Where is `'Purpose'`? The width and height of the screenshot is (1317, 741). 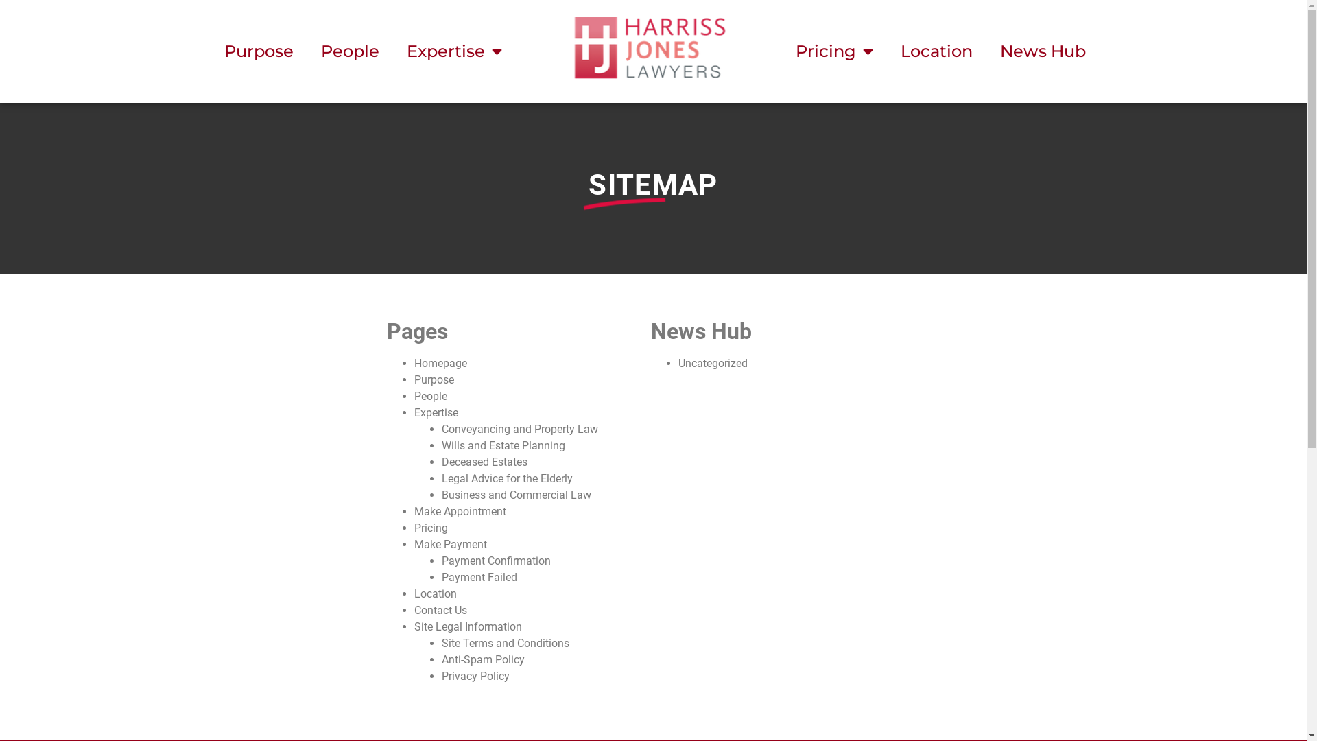
'Purpose' is located at coordinates (210, 50).